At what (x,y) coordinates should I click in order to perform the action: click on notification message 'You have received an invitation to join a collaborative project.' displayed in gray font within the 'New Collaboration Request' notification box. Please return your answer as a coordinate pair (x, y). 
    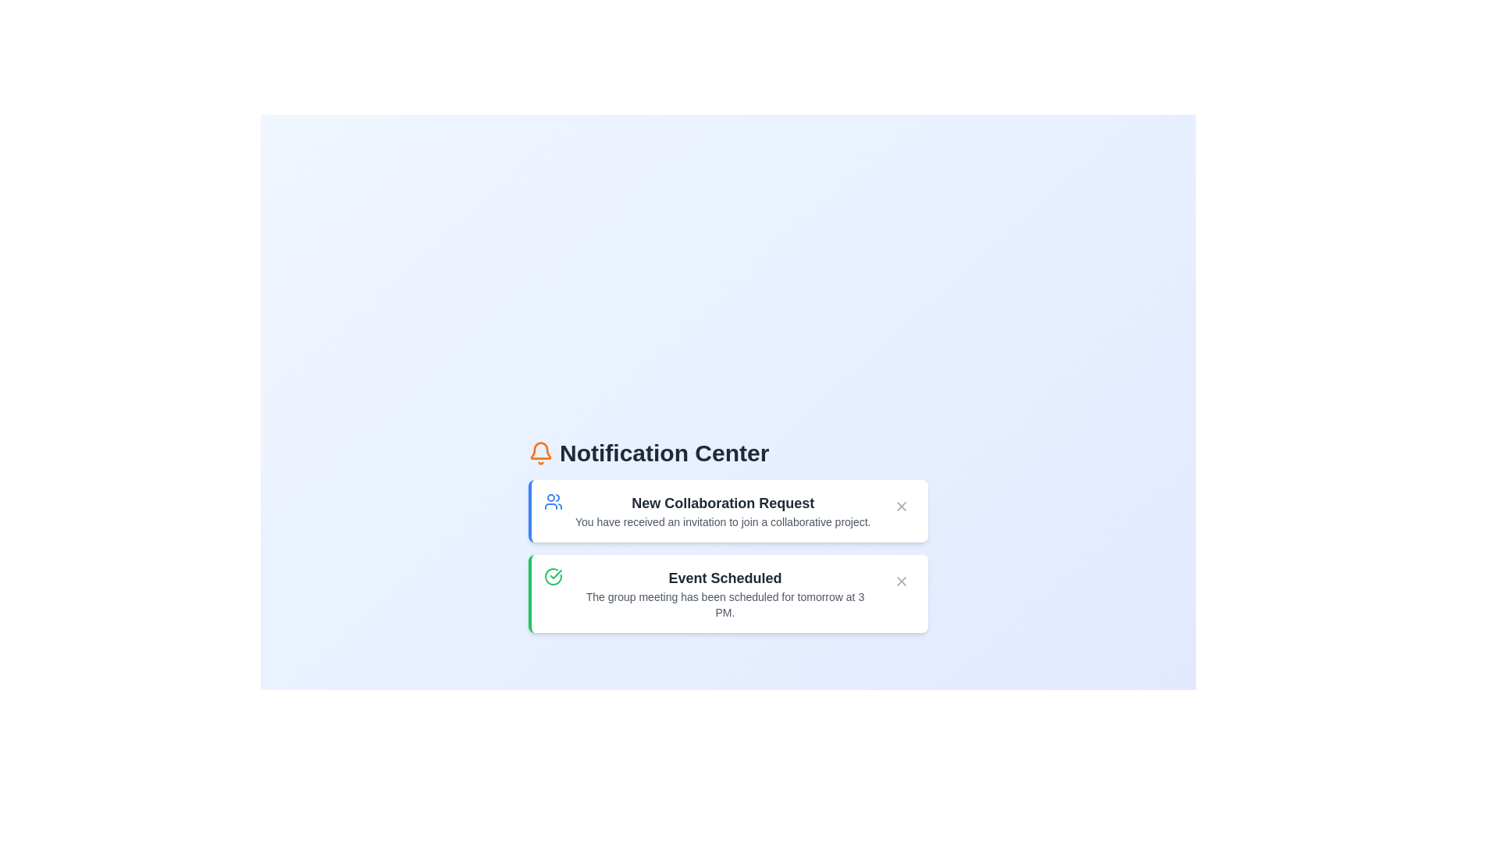
    Looking at the image, I should click on (722, 521).